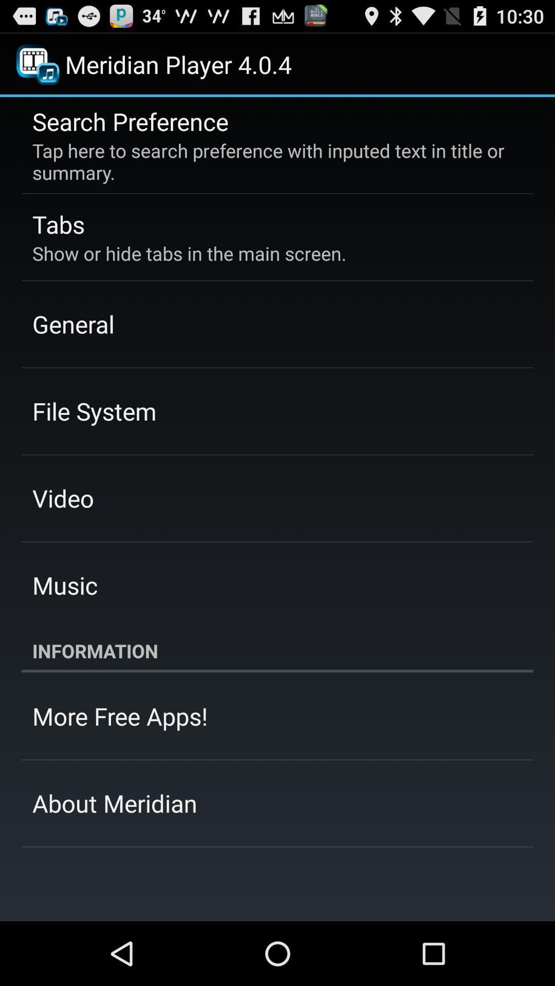 The height and width of the screenshot is (986, 555). What do you see at coordinates (189, 253) in the screenshot?
I see `the app above the general item` at bounding box center [189, 253].